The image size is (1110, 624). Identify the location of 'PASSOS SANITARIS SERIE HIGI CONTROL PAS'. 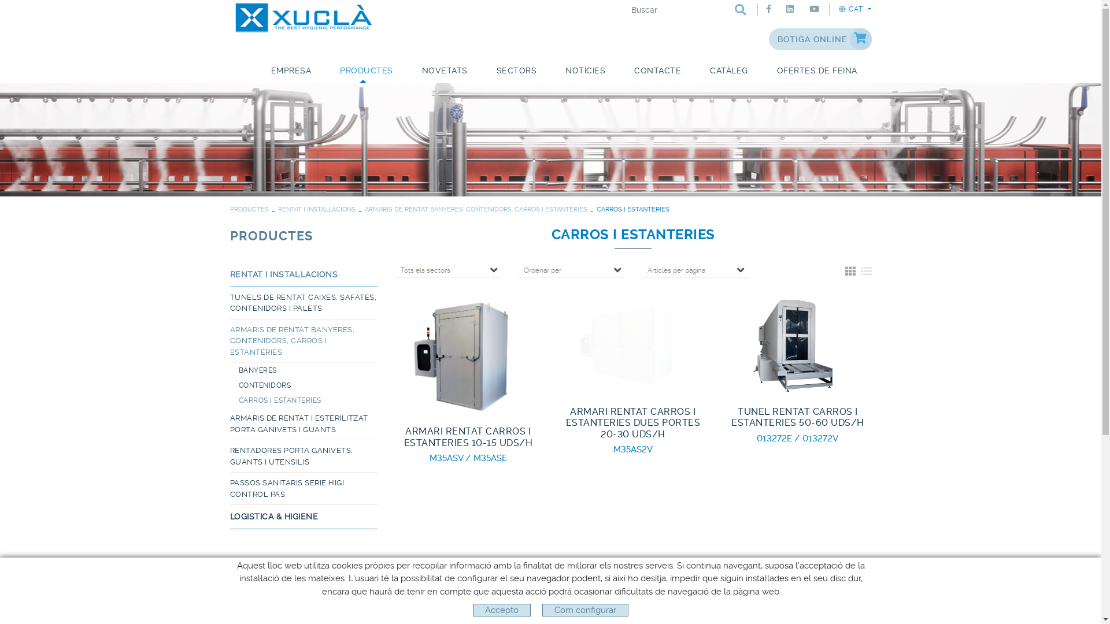
(304, 488).